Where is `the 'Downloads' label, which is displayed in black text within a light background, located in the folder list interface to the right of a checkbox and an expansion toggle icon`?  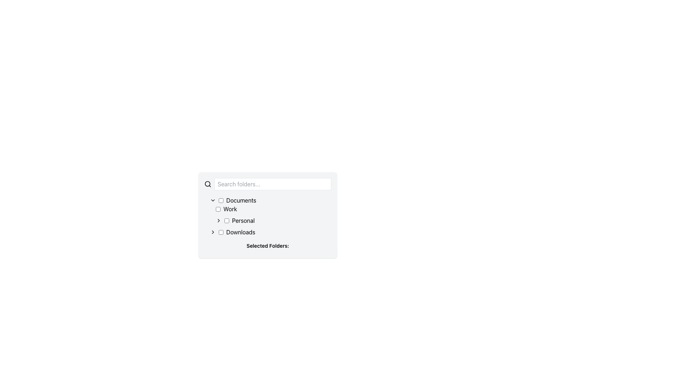 the 'Downloads' label, which is displayed in black text within a light background, located in the folder list interface to the right of a checkbox and an expansion toggle icon is located at coordinates (241, 232).